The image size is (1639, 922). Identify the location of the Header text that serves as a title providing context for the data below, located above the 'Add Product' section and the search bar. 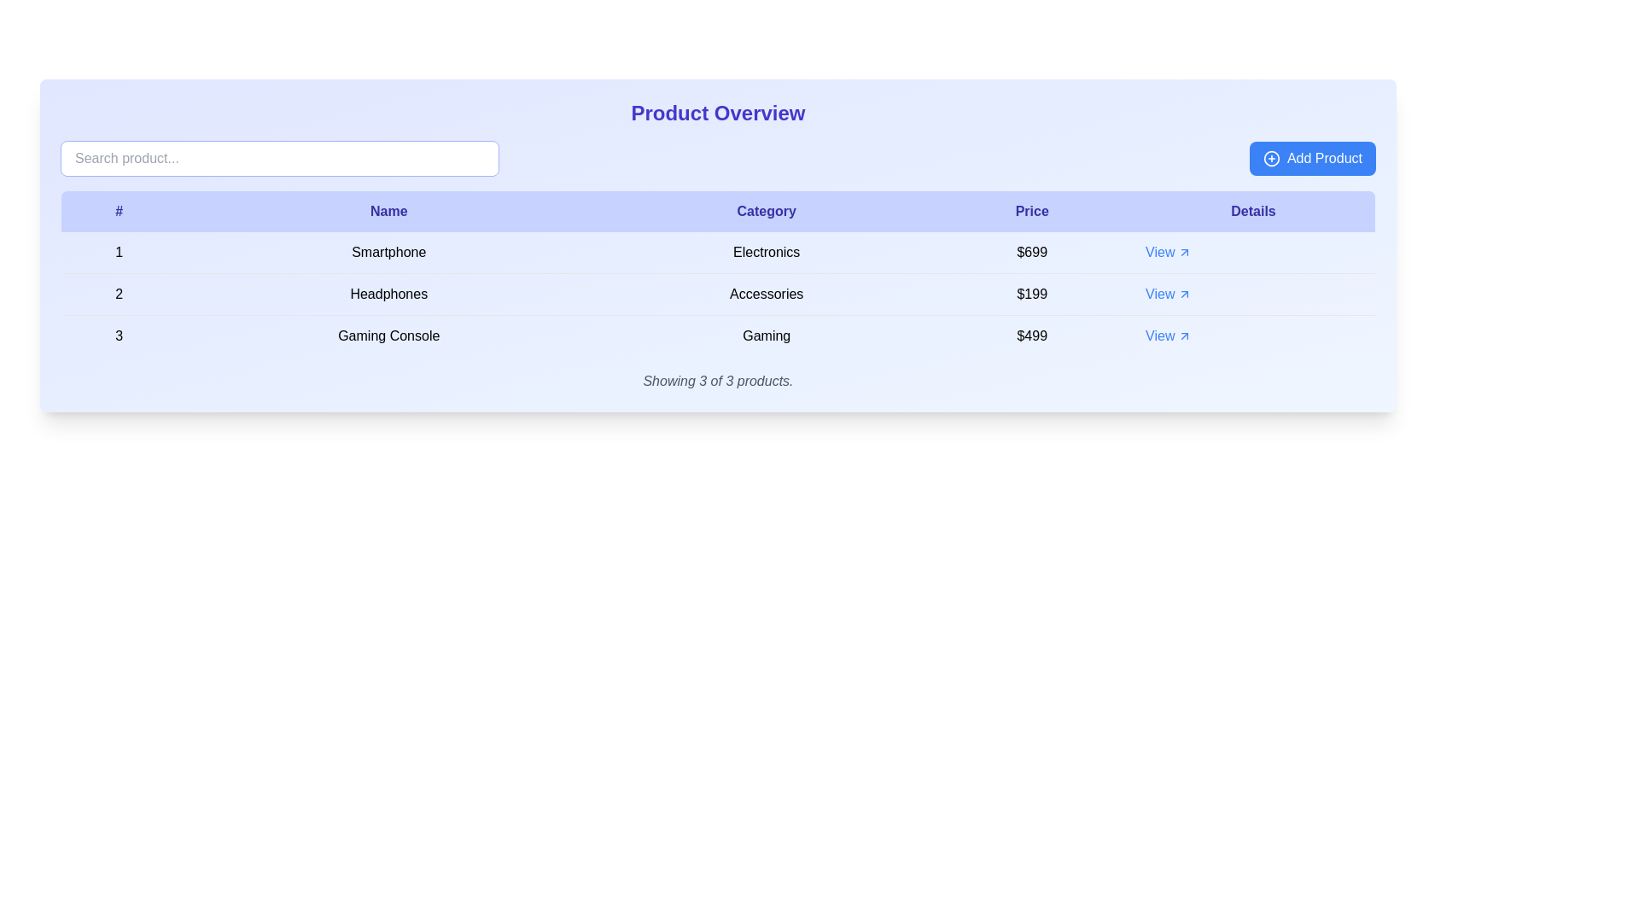
(718, 113).